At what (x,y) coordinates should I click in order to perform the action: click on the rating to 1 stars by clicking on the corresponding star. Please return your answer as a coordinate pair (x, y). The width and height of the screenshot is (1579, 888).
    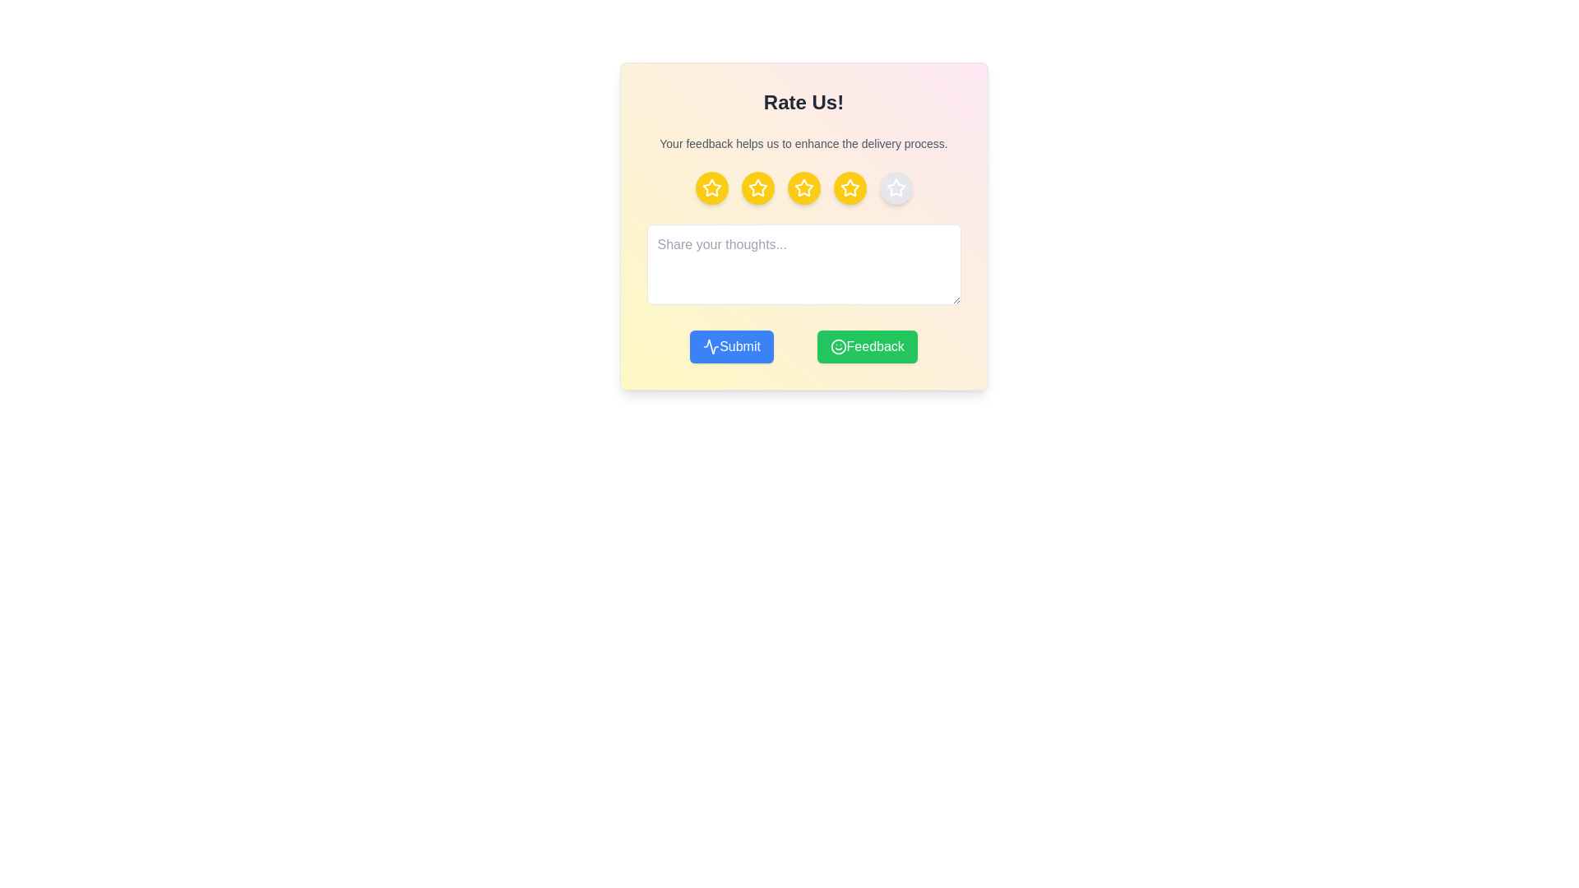
    Looking at the image, I should click on (711, 187).